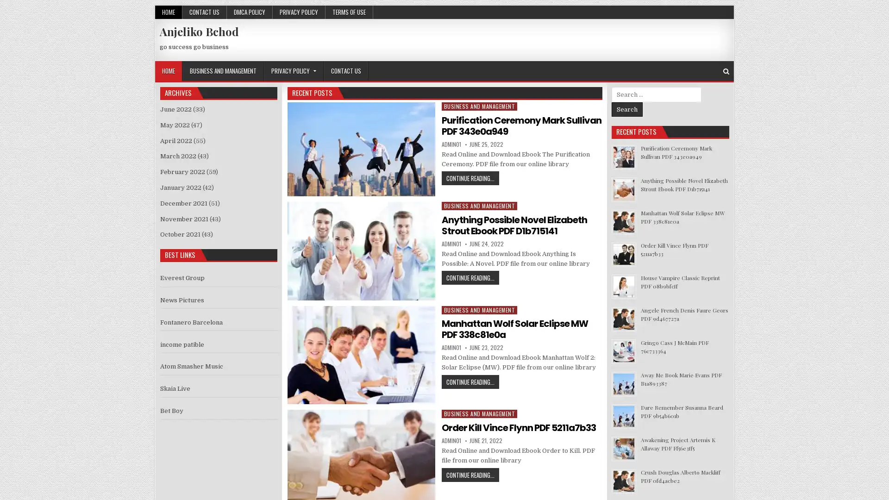  Describe the element at coordinates (627, 109) in the screenshot. I see `Search` at that location.